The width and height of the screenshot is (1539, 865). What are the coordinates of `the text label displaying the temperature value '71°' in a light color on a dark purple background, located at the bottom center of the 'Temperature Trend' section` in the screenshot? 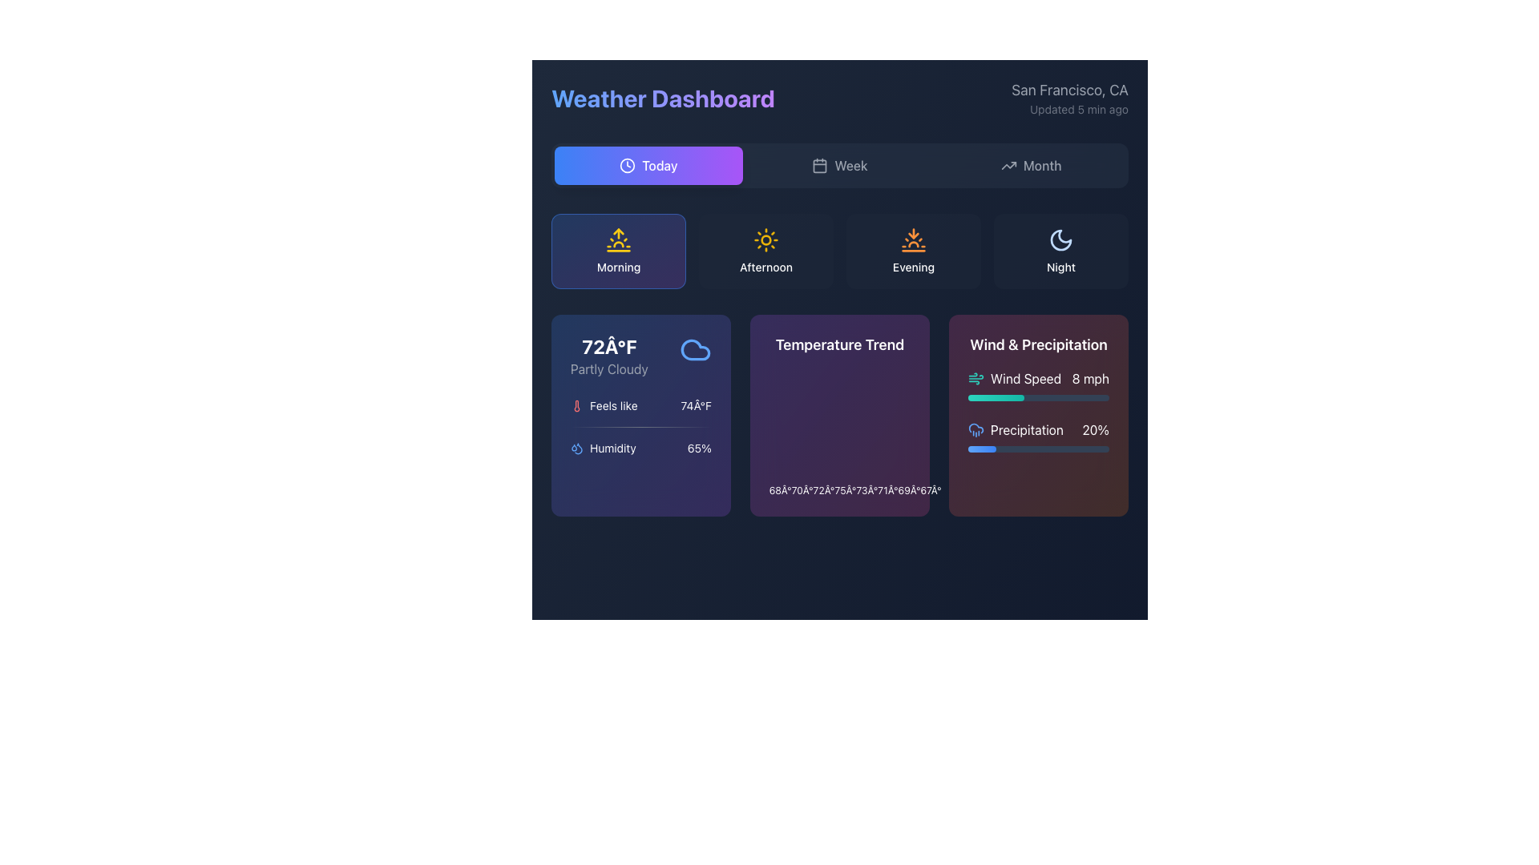 It's located at (887, 490).